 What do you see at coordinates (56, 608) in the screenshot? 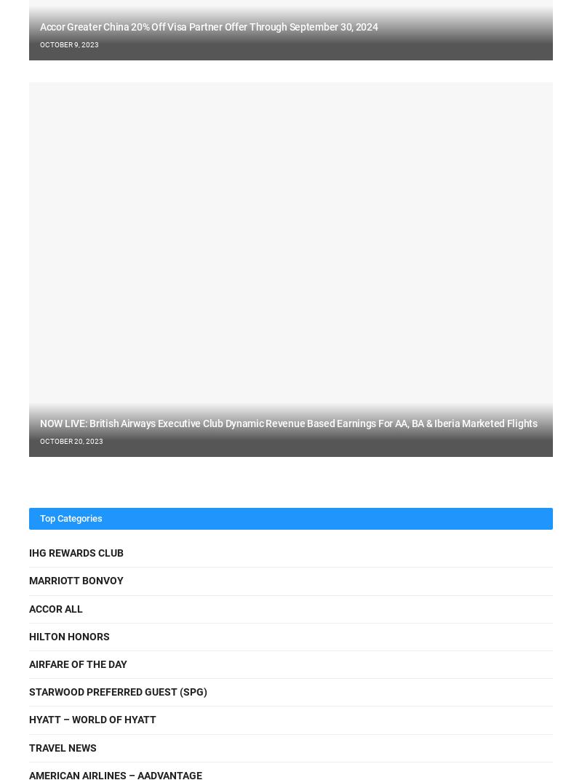
I see `'Accor ALL'` at bounding box center [56, 608].